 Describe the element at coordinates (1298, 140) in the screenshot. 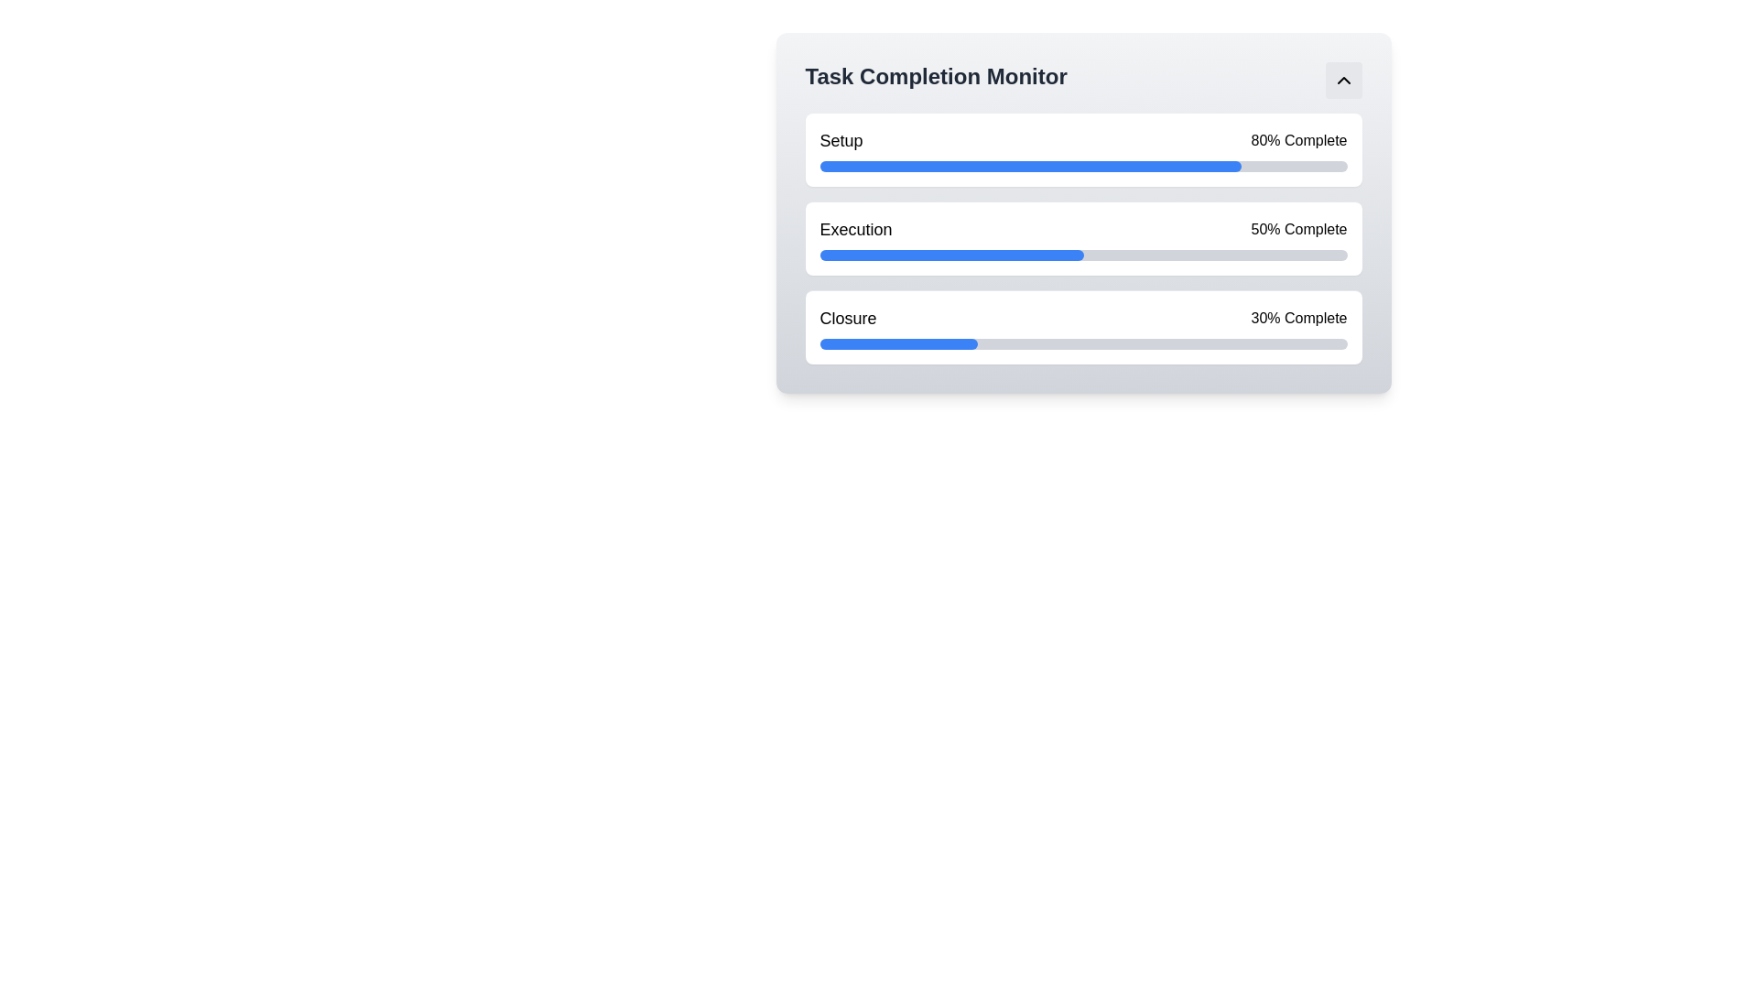

I see `the text label that displays '80% Complete', which is located at the right end of the 'Setup' progress bar in the 'Task Completion Monitor' component` at that location.